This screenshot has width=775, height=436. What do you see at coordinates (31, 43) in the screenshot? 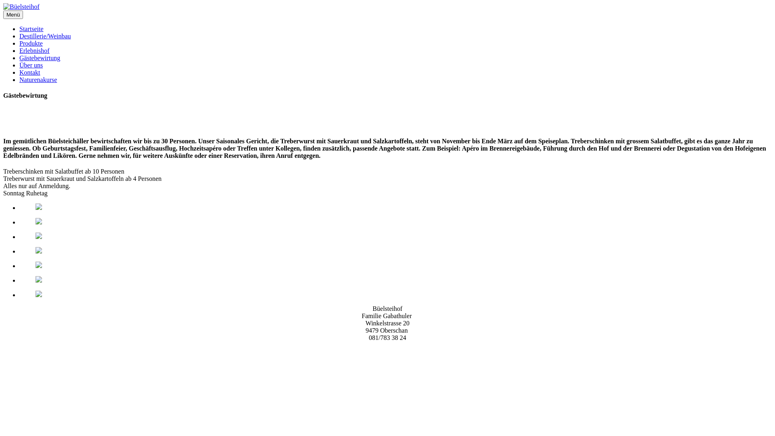
I see `'Produkte'` at bounding box center [31, 43].